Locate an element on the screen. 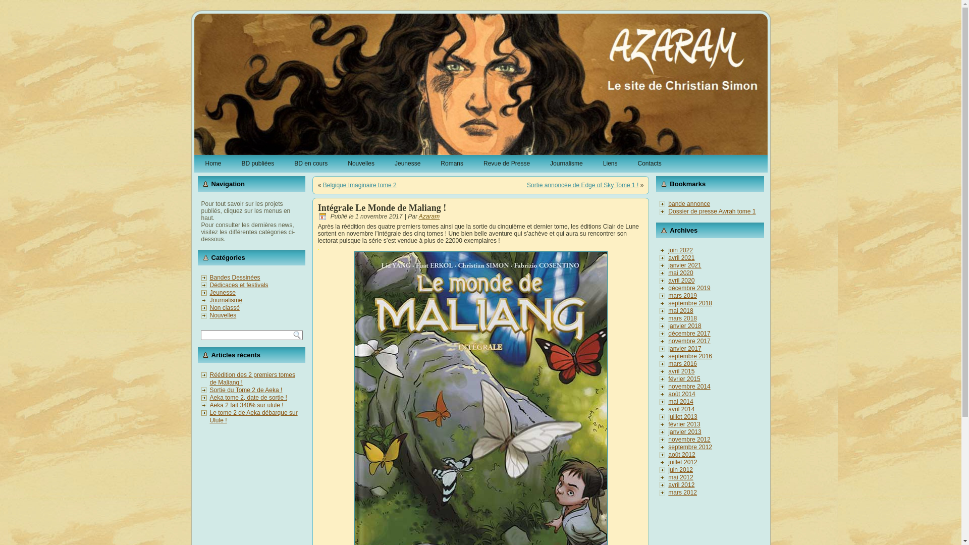 This screenshot has height=545, width=969. 'avril 2015' is located at coordinates (681, 371).